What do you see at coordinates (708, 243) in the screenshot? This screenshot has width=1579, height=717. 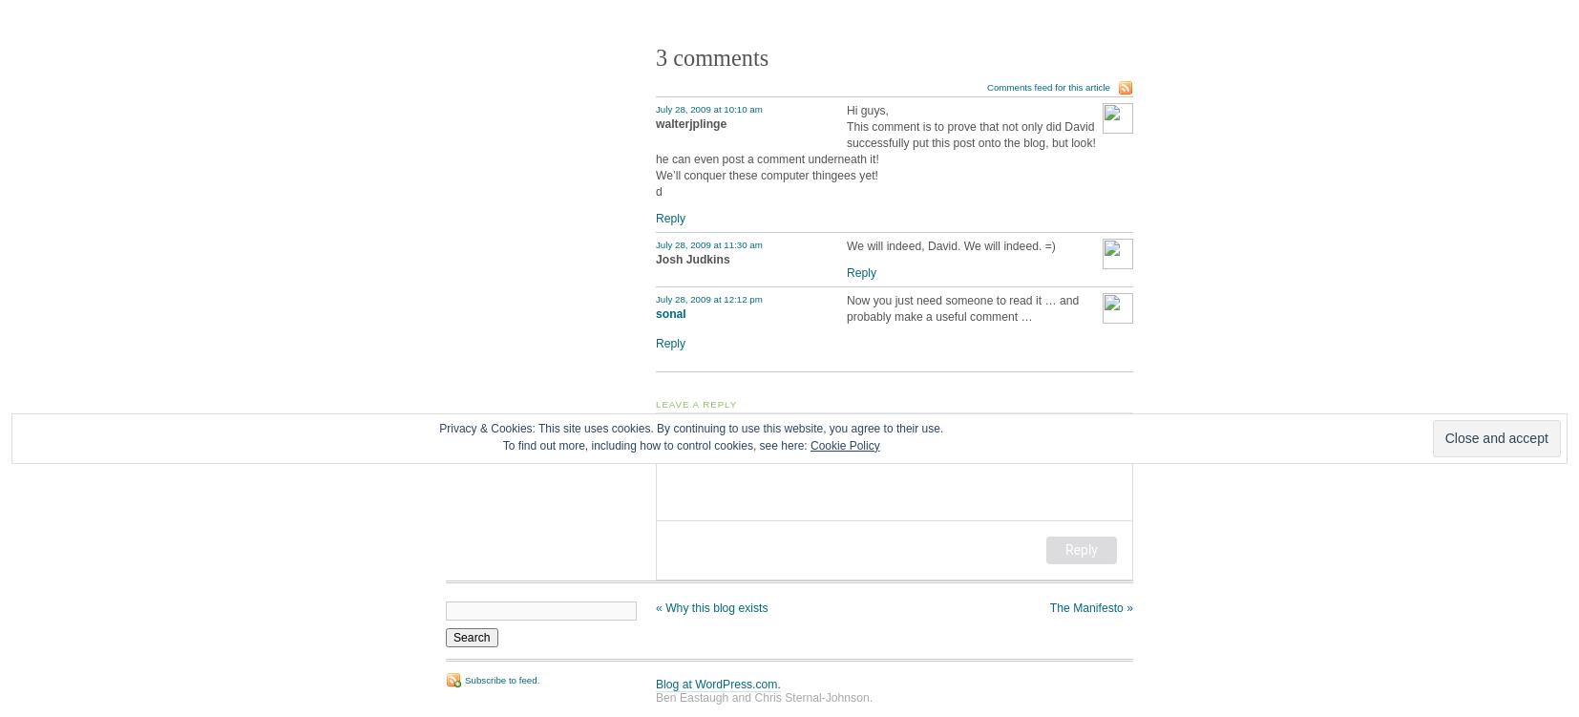 I see `'July 28, 2009 at 11:30 am'` at bounding box center [708, 243].